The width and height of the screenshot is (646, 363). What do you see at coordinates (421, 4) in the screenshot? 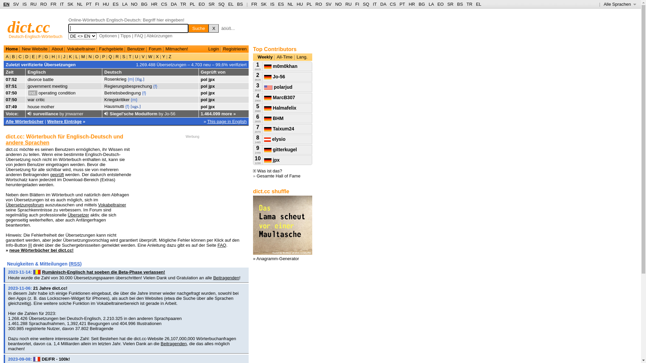
I see `'BG'` at bounding box center [421, 4].